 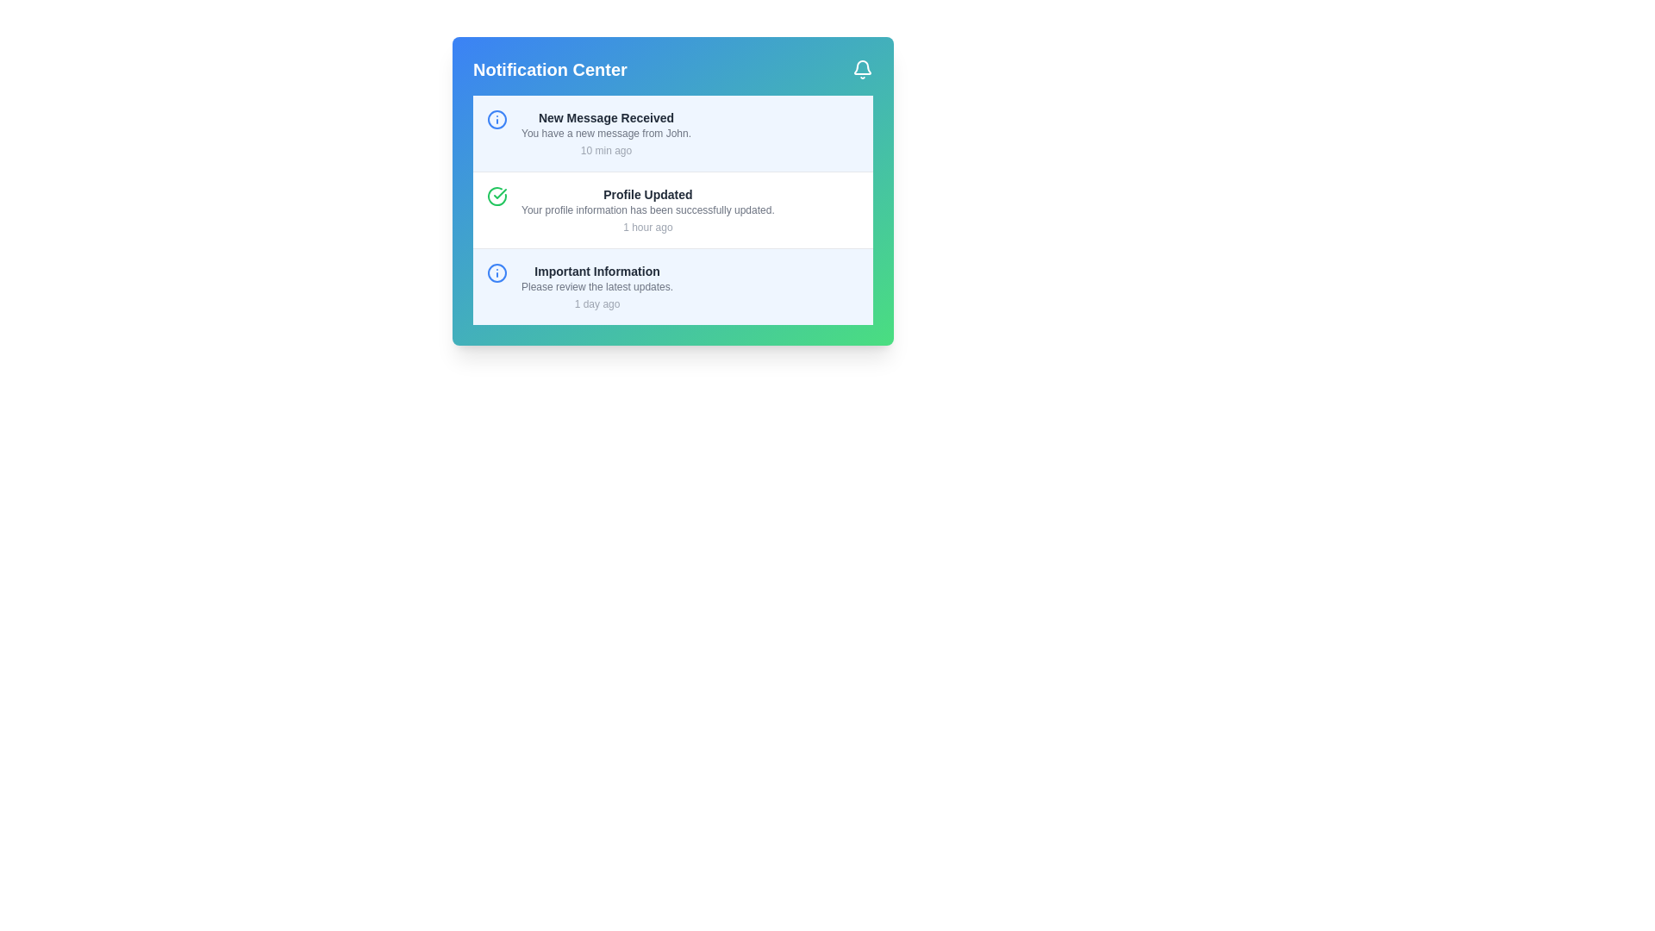 I want to click on the check mark icon within the 'Profile Updated' notification item in the notification center interface, which is styled in green and overlaid on a circular component, so click(x=499, y=193).